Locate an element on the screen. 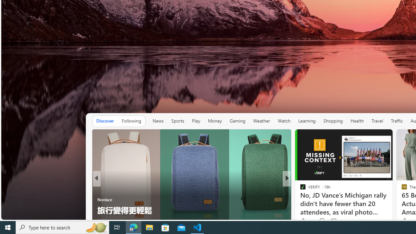 The image size is (416, 234). 'Gaming' is located at coordinates (237, 121).